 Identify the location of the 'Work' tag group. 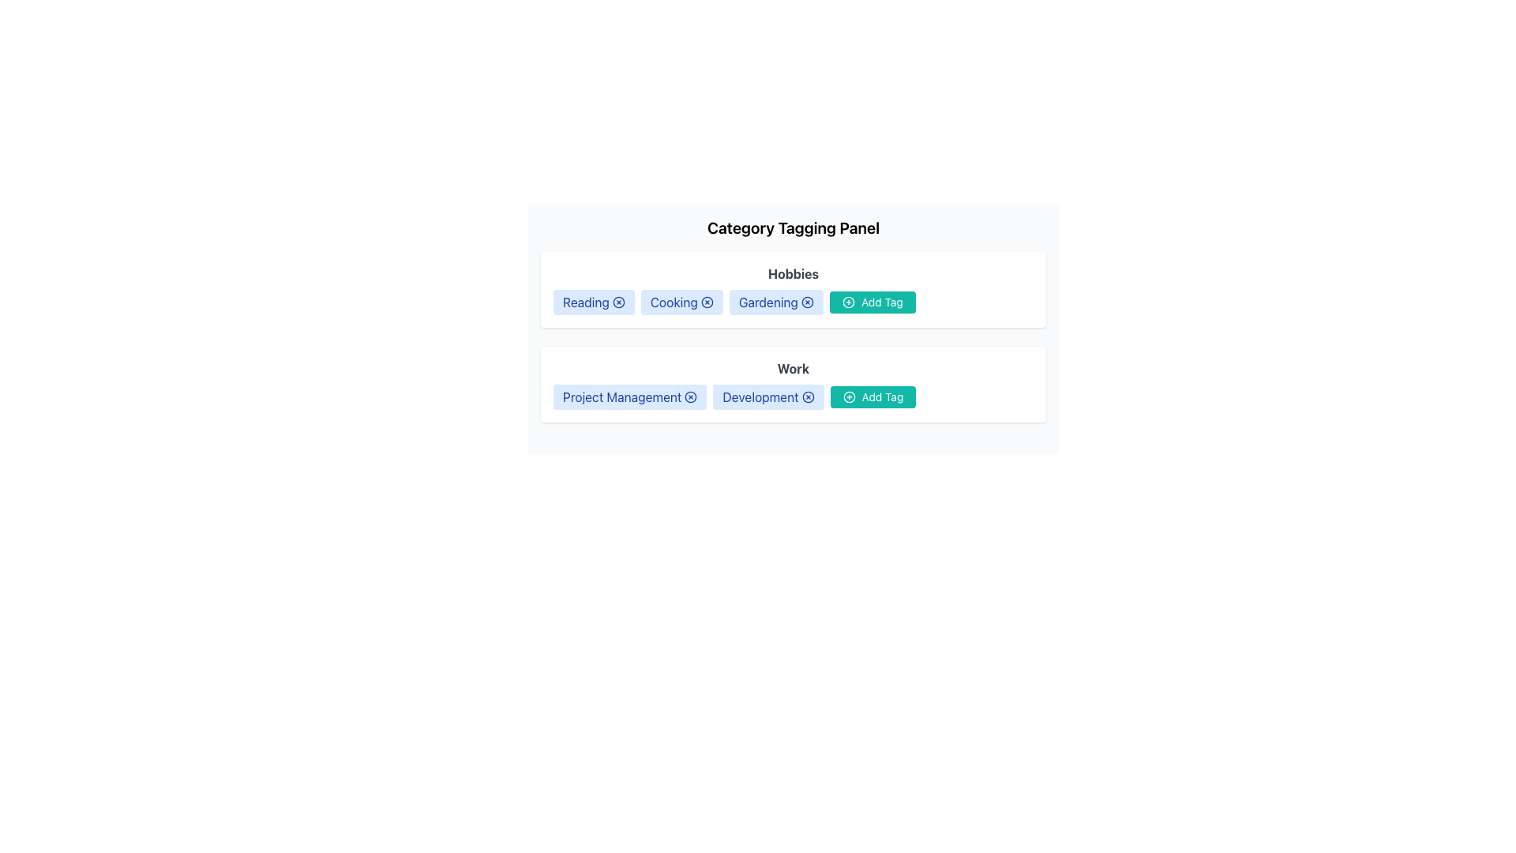
(793, 396).